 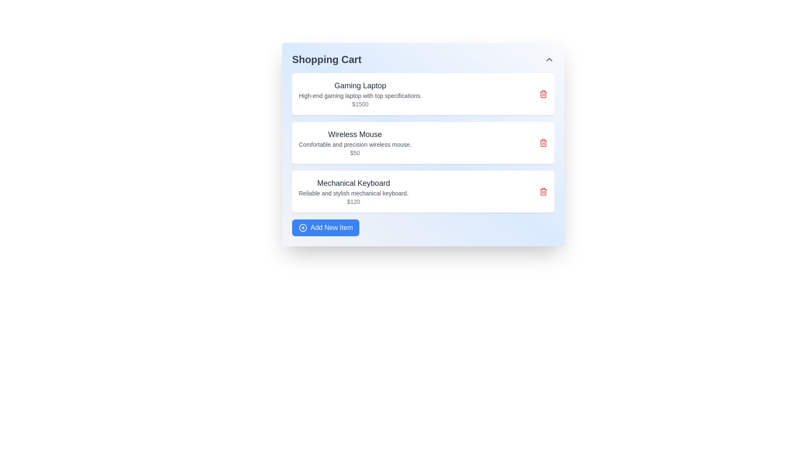 I want to click on the price text label indicating the 'Mechanical Keyboard' product, located below the description and near the bottom-right of the shopping cart interface, so click(x=353, y=201).